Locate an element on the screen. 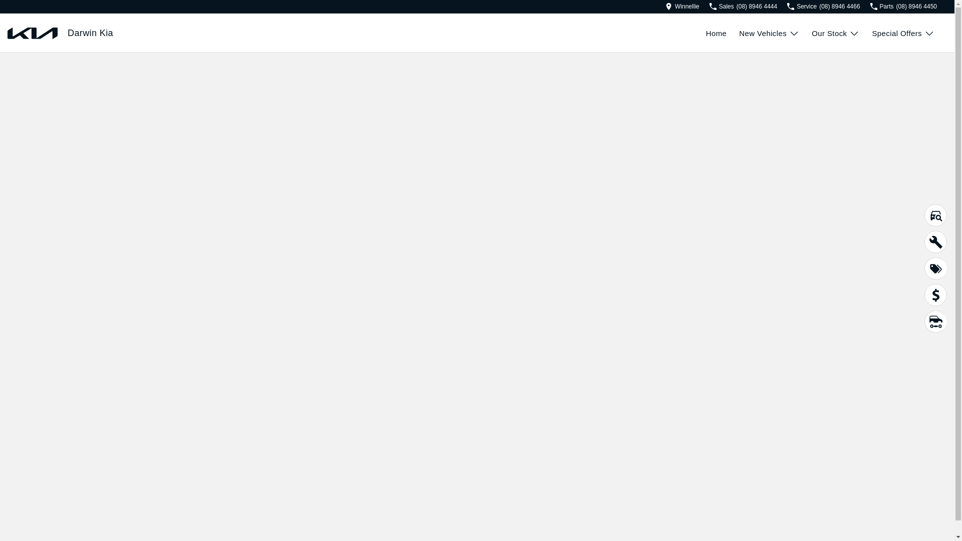 The image size is (962, 541). 'Parts is located at coordinates (870, 6).